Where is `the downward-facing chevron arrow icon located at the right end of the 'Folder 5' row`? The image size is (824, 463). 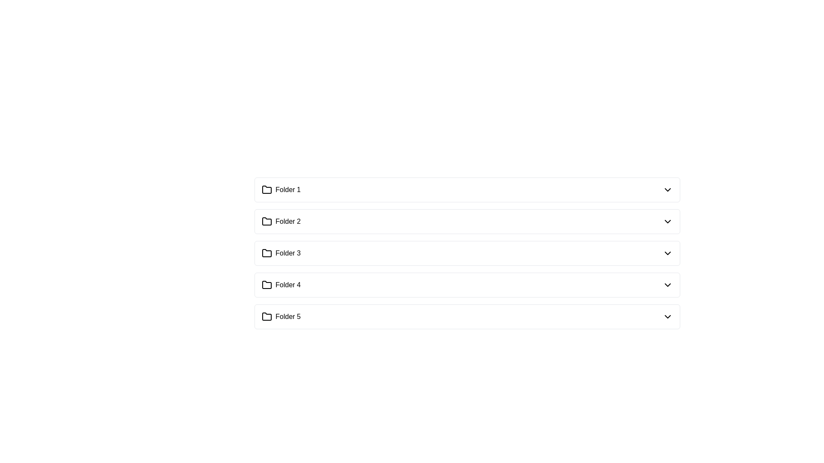 the downward-facing chevron arrow icon located at the right end of the 'Folder 5' row is located at coordinates (667, 317).